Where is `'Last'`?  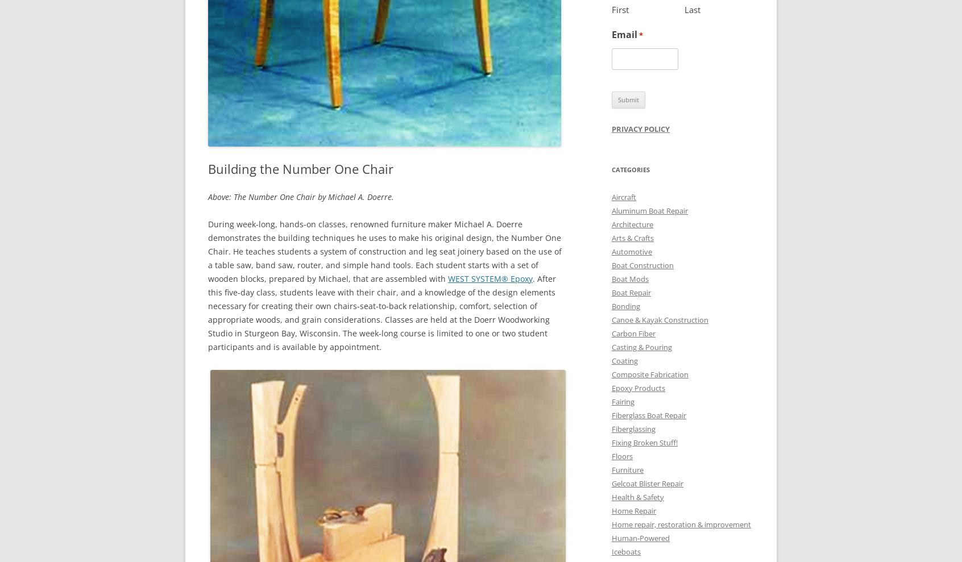 'Last' is located at coordinates (692, 9).